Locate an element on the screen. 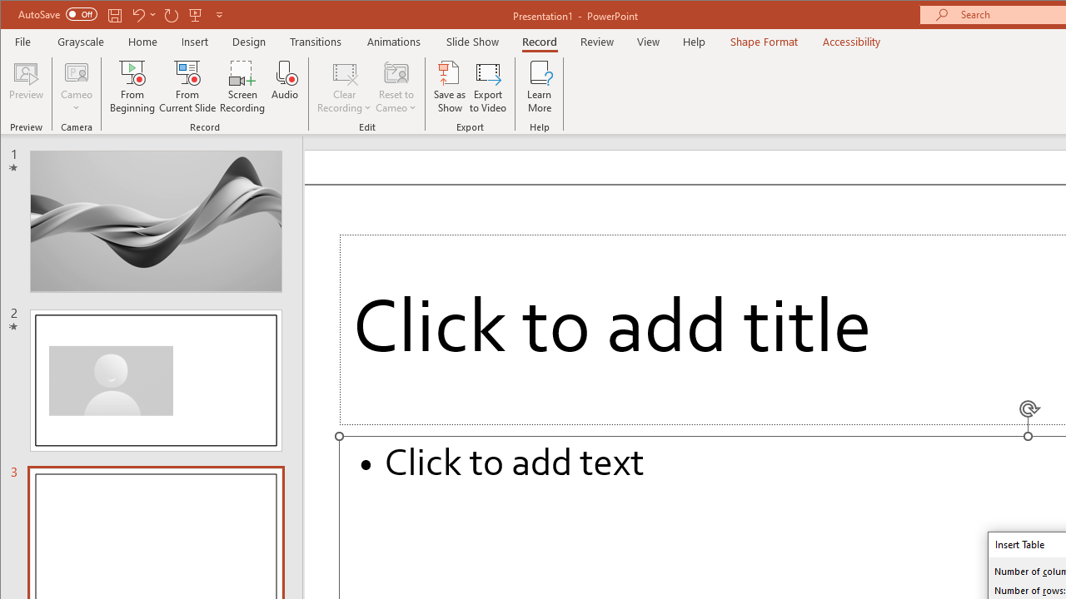 The width and height of the screenshot is (1066, 599). 'Shape Format' is located at coordinates (763, 41).